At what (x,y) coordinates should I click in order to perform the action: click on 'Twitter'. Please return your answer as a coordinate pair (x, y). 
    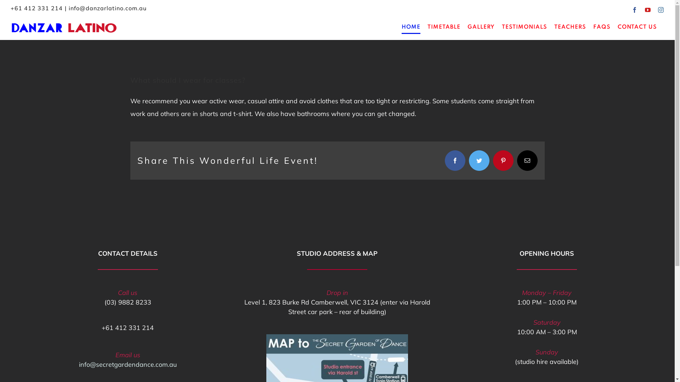
    Looking at the image, I should click on (469, 161).